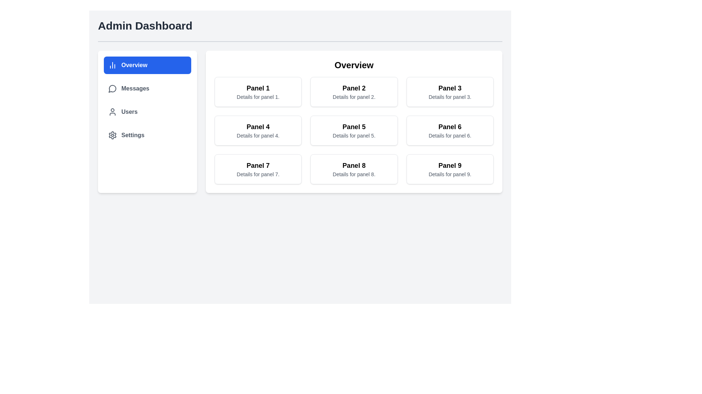 This screenshot has height=394, width=702. Describe the element at coordinates (112, 135) in the screenshot. I see `the gear icon component in the vertical left-hand navigation menu, which signifies settings or configuration options` at that location.